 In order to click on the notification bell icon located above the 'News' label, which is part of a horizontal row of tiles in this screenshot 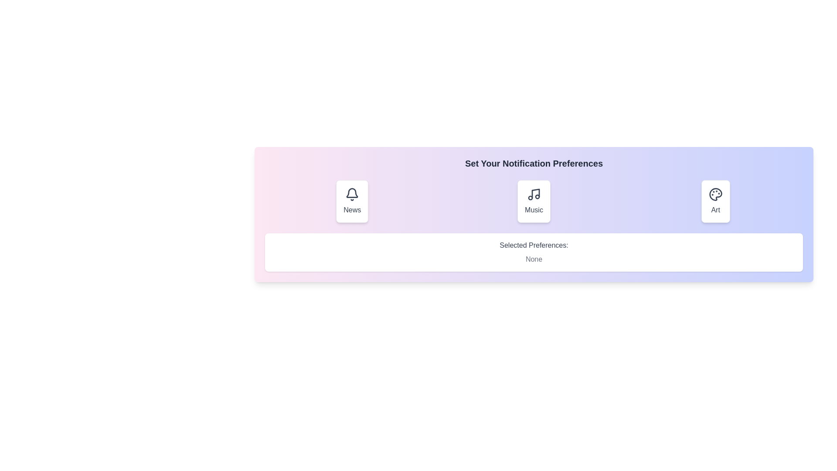, I will do `click(352, 194)`.